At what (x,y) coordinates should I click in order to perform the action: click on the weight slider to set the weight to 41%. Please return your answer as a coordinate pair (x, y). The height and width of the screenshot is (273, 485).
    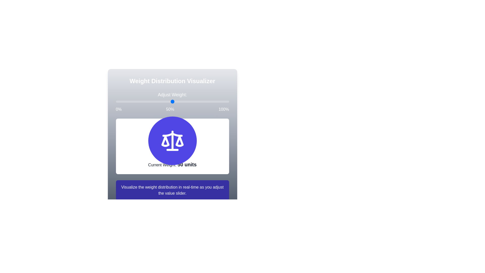
    Looking at the image, I should click on (115, 101).